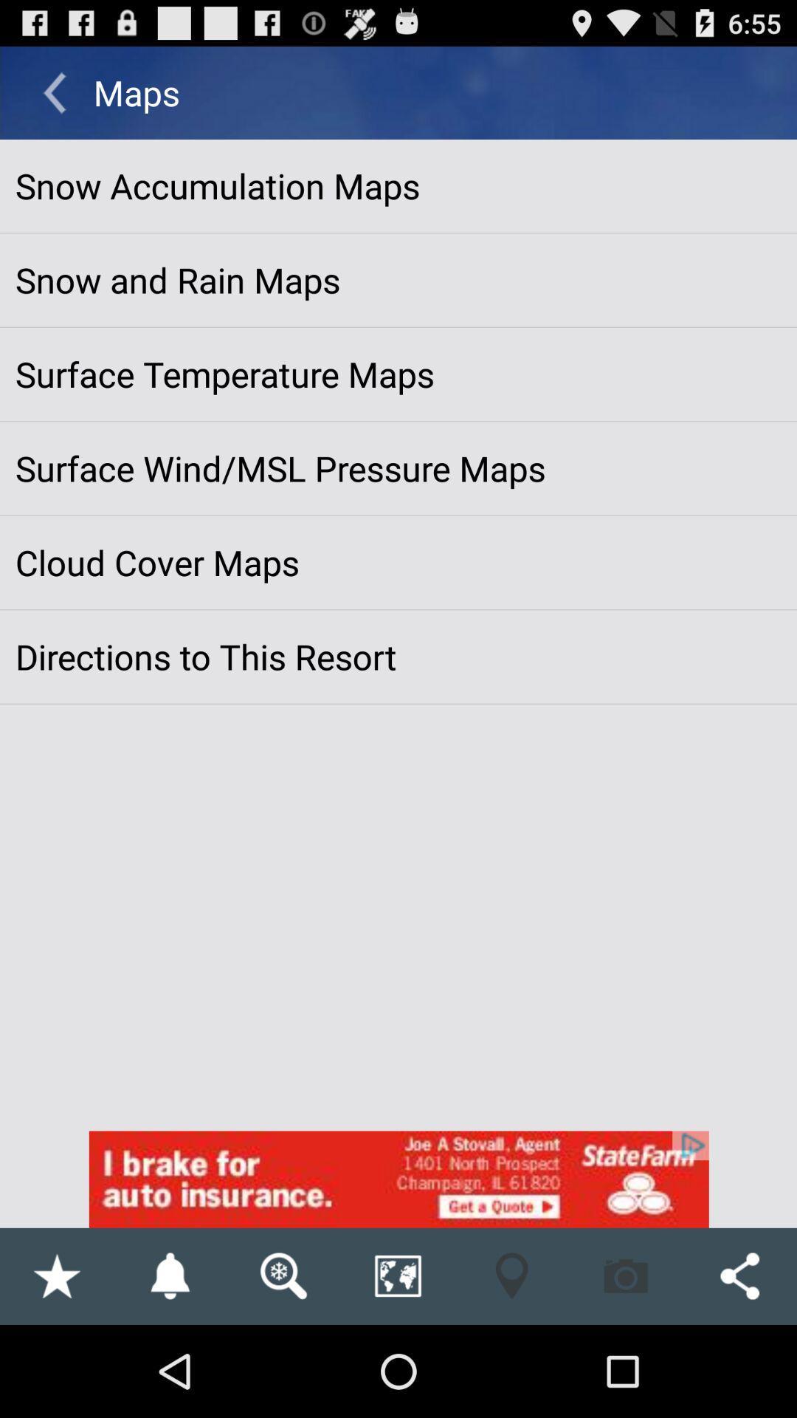  Describe the element at coordinates (169, 1365) in the screenshot. I see `the notifications icon` at that location.